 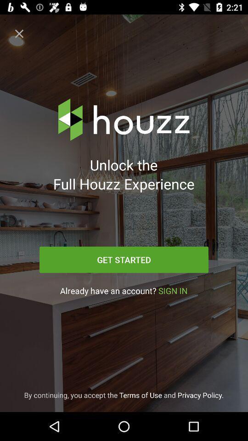 I want to click on the icon at the top left corner, so click(x=19, y=34).